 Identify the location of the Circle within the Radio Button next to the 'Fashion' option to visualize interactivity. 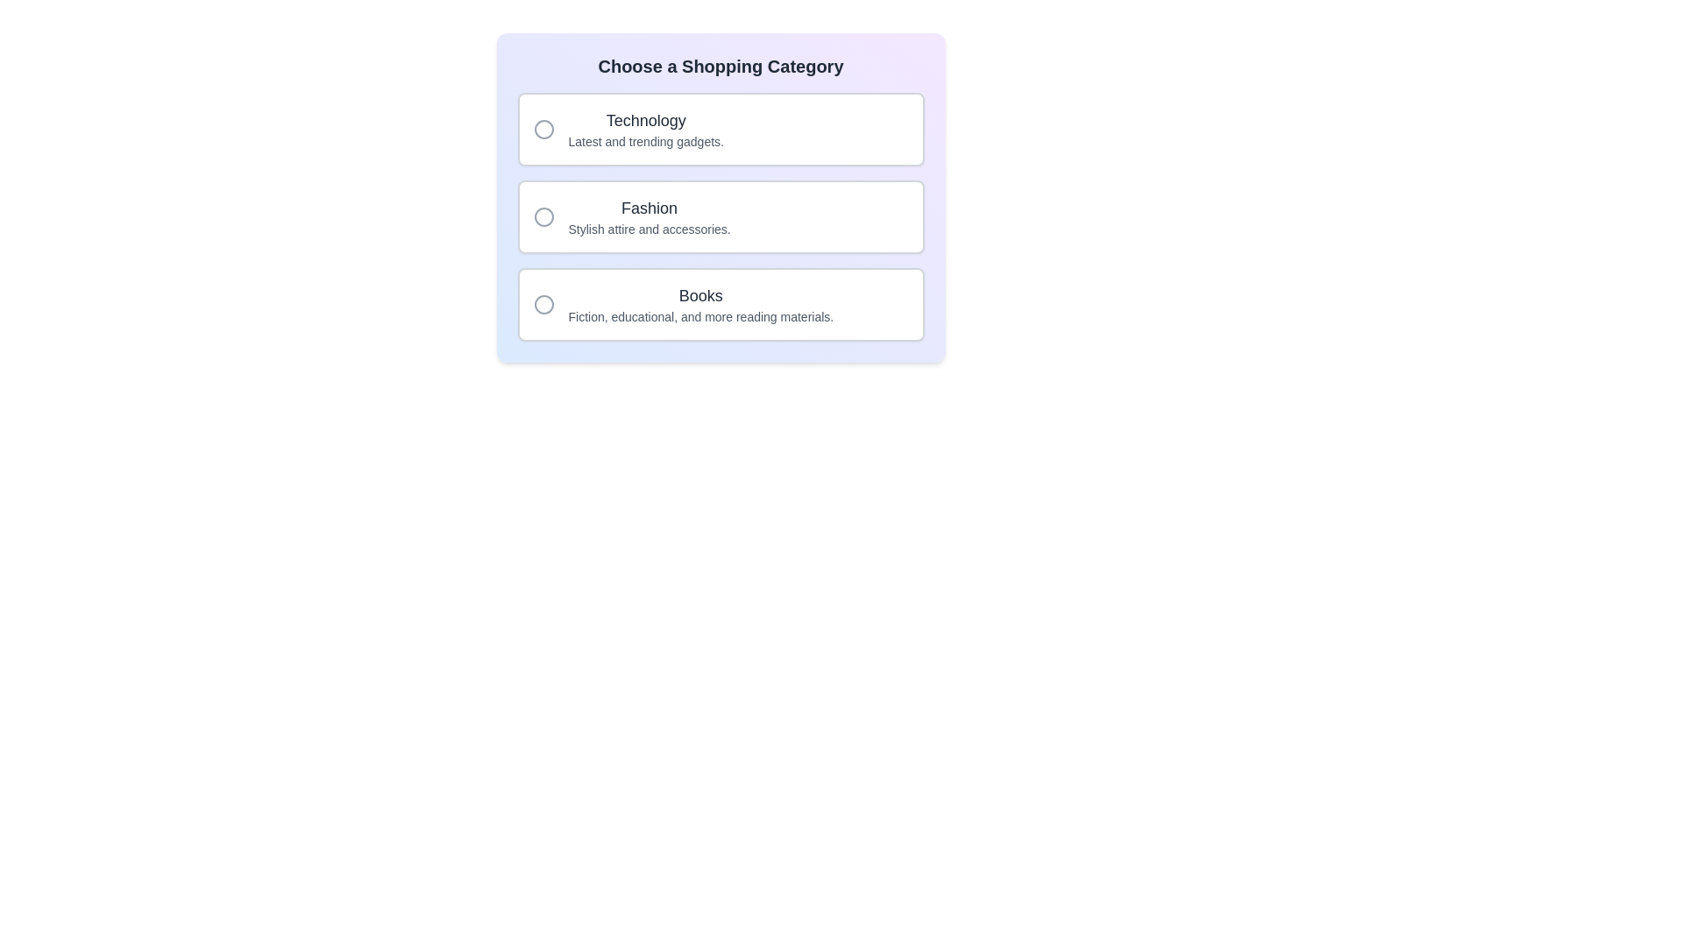
(543, 215).